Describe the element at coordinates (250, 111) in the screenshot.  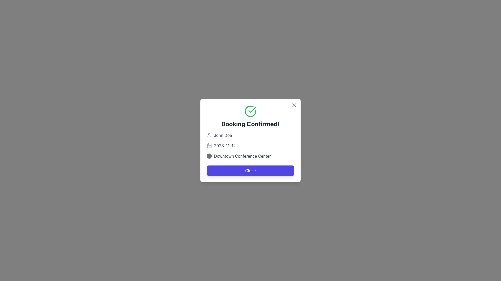
I see `the circular line graphic element that forms part of a success icon, which contains a checkmark within an SVG component located at the top of a modal dialog` at that location.